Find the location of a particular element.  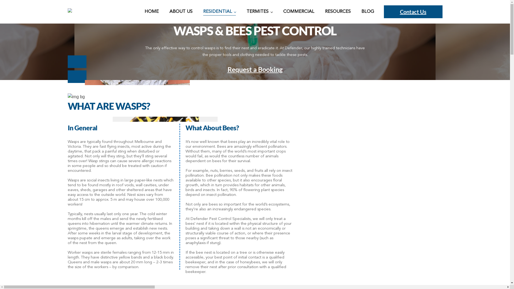

'Contact Us' is located at coordinates (413, 12).